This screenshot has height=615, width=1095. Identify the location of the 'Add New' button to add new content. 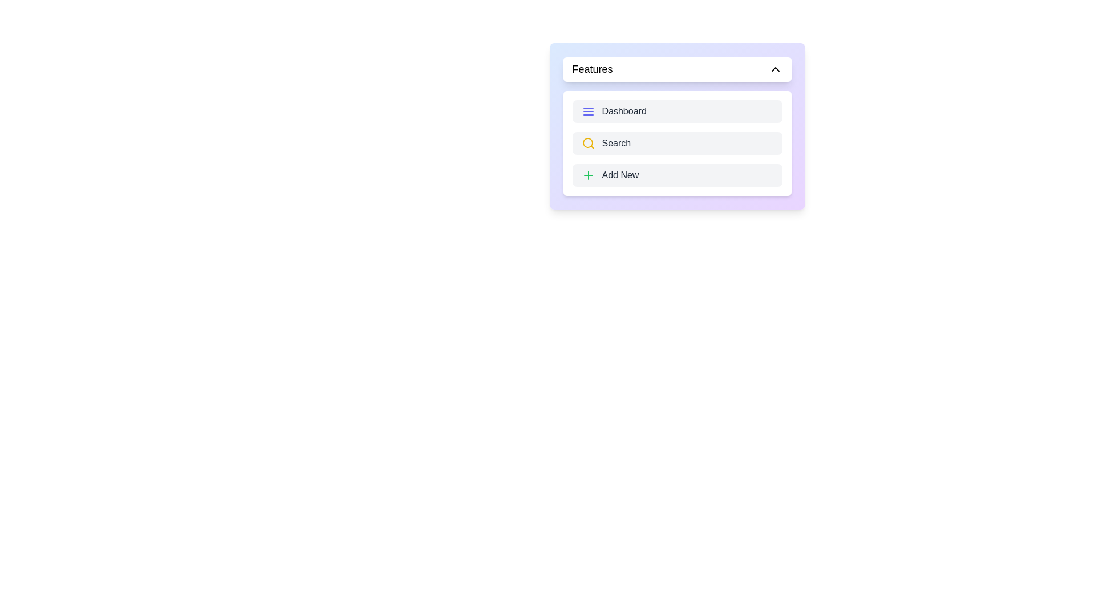
(677, 175).